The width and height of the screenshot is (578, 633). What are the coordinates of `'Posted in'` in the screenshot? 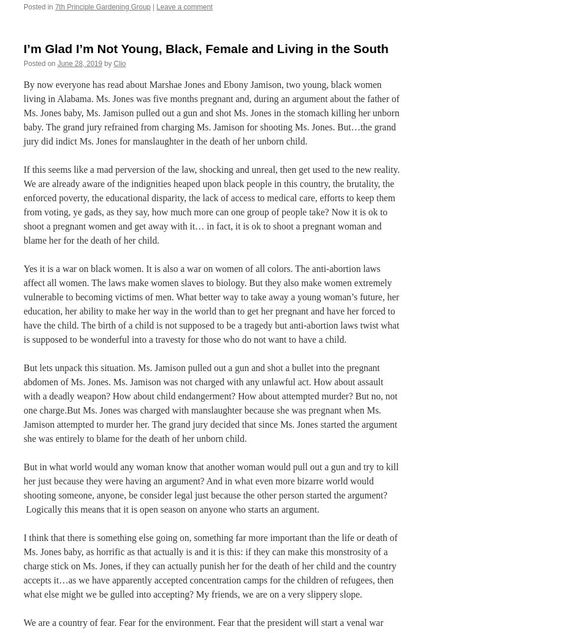 It's located at (38, 6).